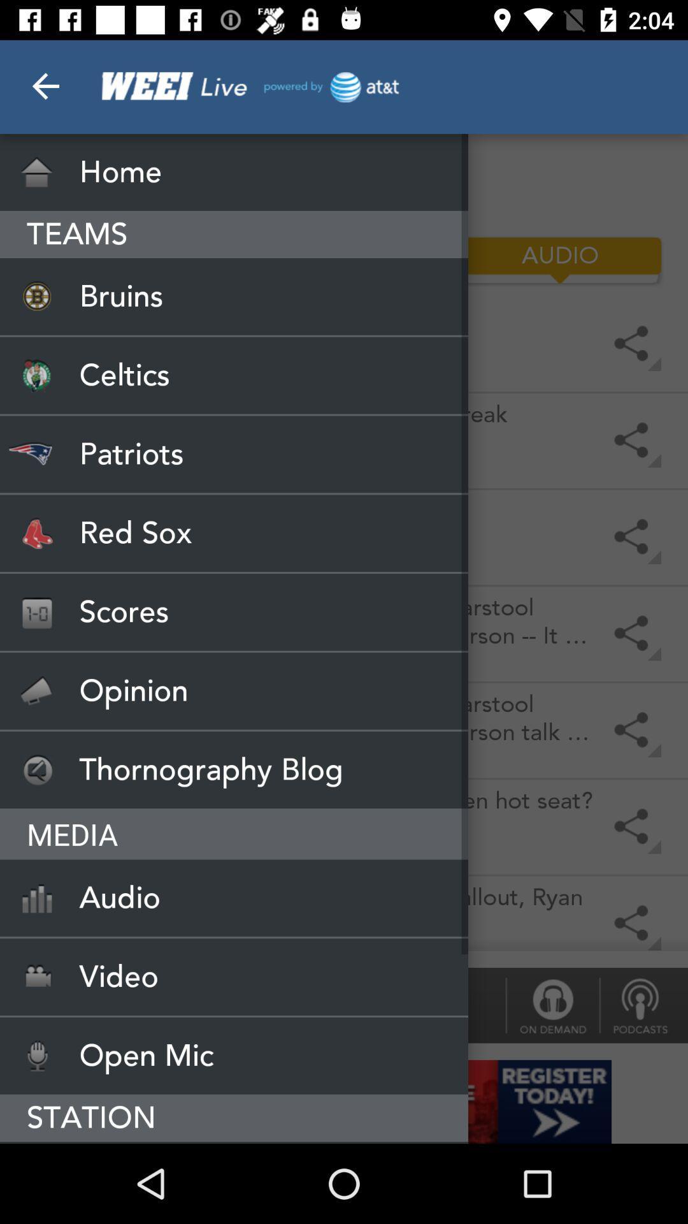 The image size is (688, 1224). I want to click on the red sox icon, so click(234, 533).